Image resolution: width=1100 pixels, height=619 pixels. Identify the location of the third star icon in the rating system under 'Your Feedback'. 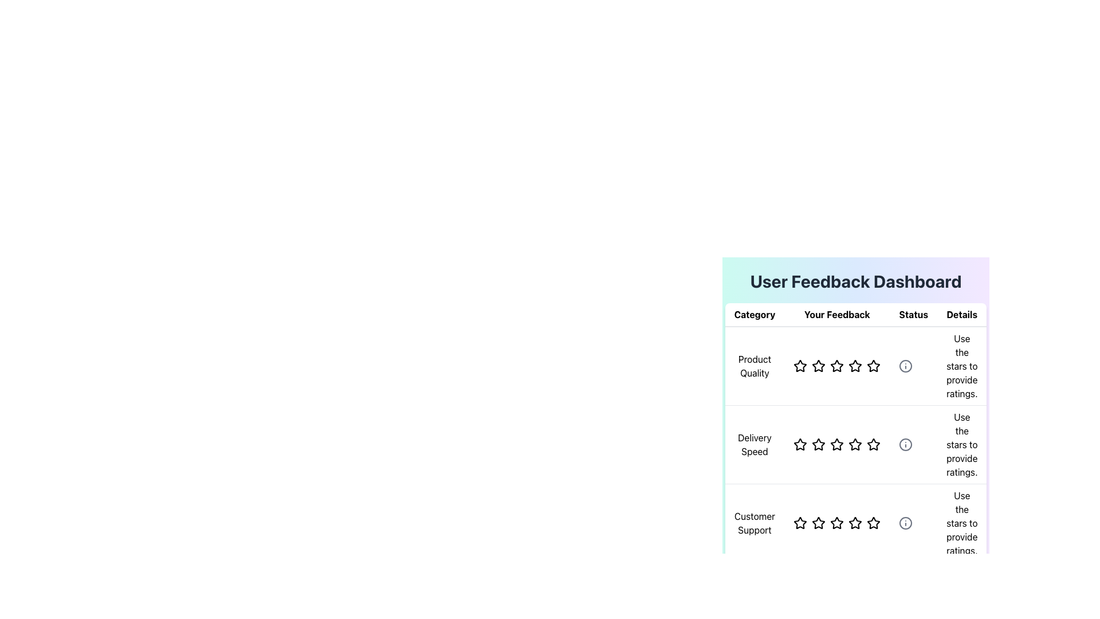
(855, 366).